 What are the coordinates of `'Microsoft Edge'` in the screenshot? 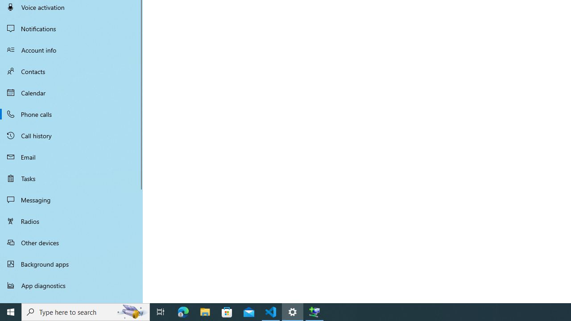 It's located at (183, 311).